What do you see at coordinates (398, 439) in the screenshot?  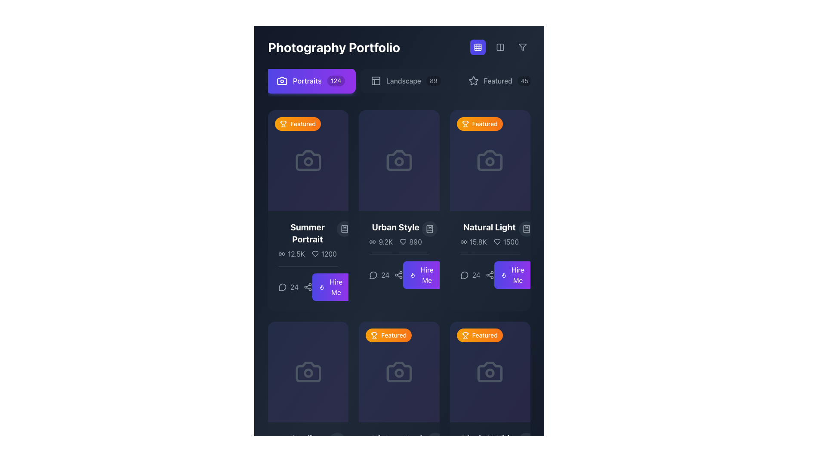 I see `the static text label located in the bottom row of the grid layout, specifically in the third column from the left` at bounding box center [398, 439].